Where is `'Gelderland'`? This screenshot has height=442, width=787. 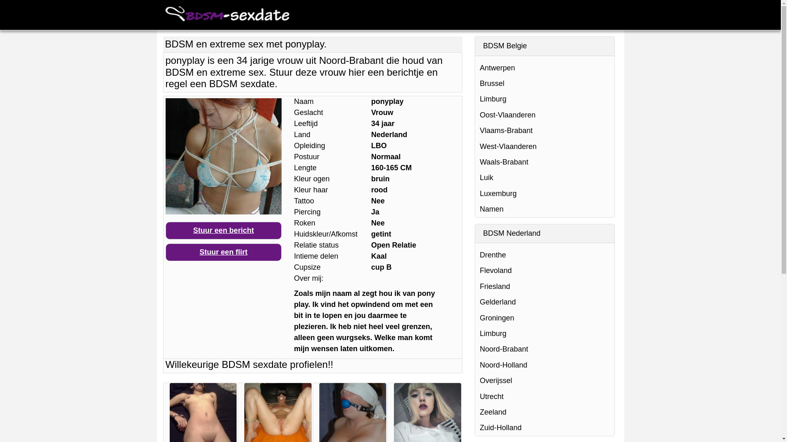
'Gelderland' is located at coordinates (544, 302).